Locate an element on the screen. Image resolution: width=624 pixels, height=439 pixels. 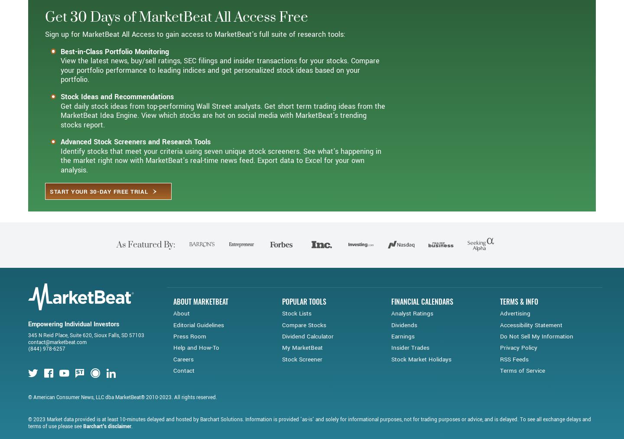
'345 N Reid Place, Suite 620, Sioux Falls, SD 57103' is located at coordinates (86, 366).